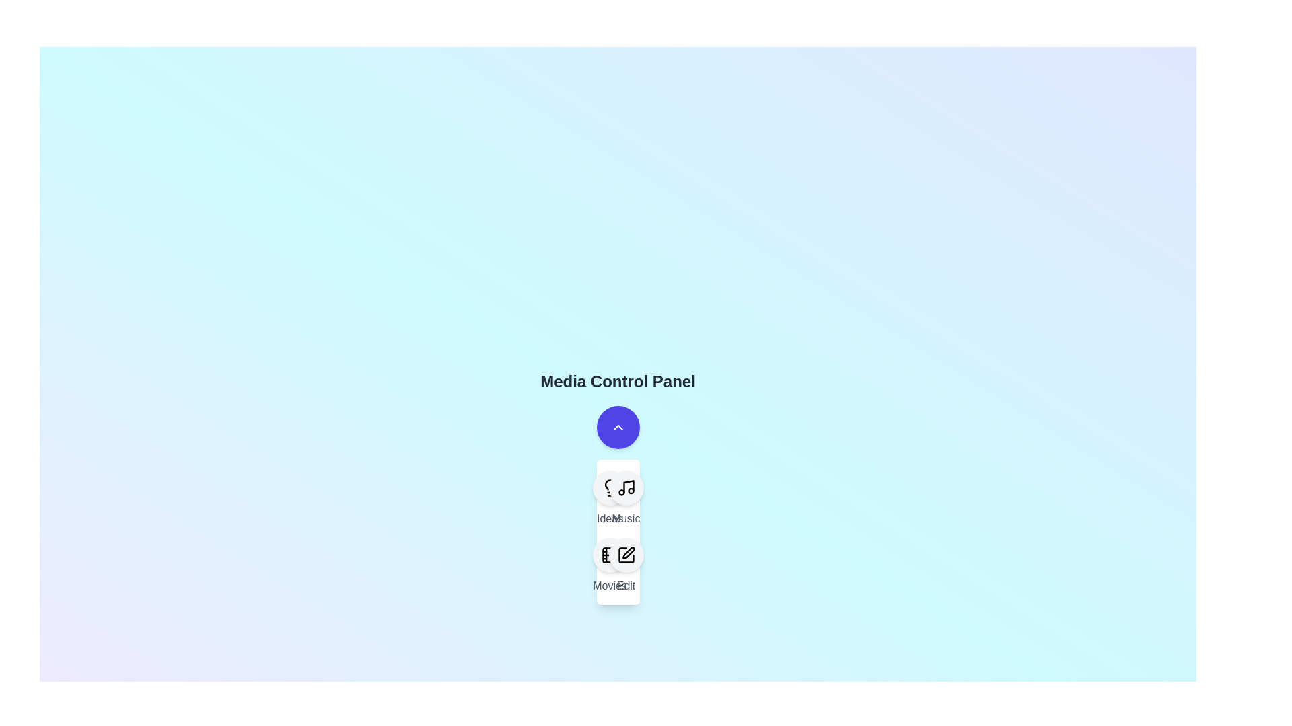 The width and height of the screenshot is (1292, 726). Describe the element at coordinates (617, 428) in the screenshot. I see `the central toggle button to collapse the options menu` at that location.